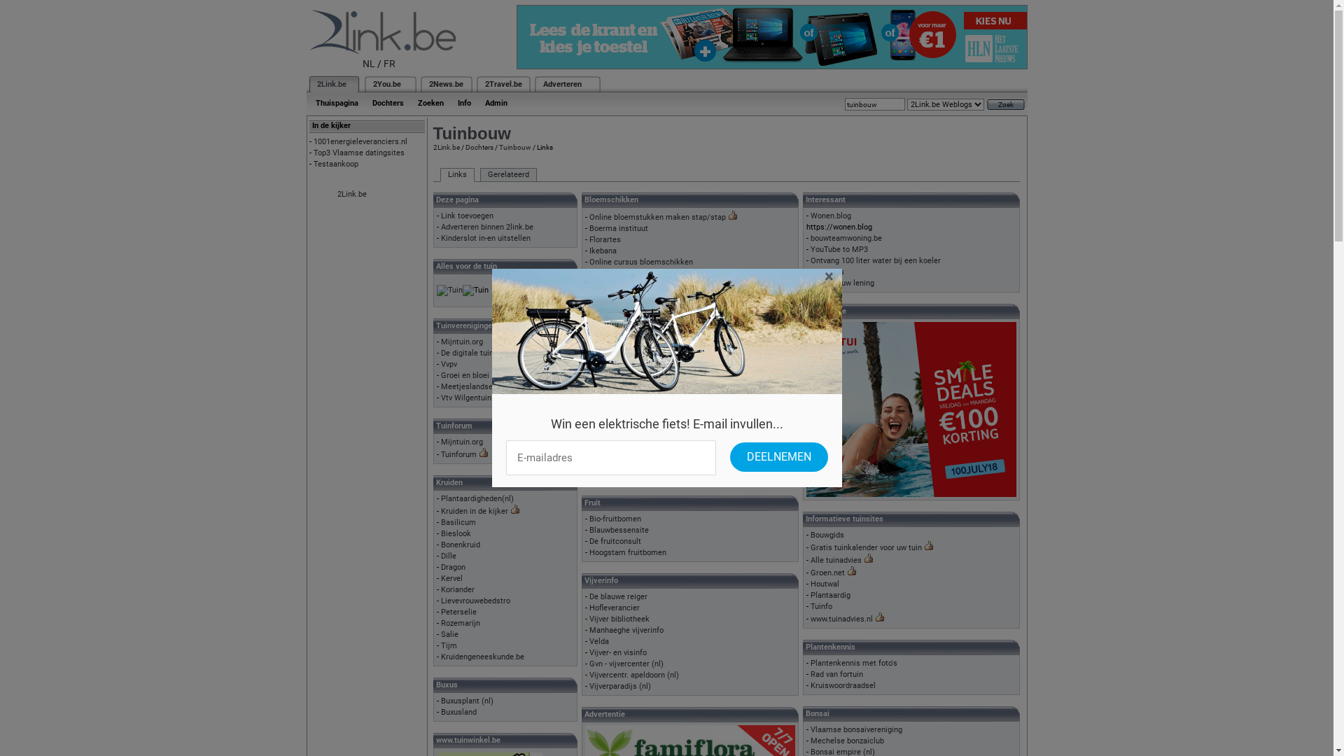 The width and height of the screenshot is (1344, 756). What do you see at coordinates (496, 102) in the screenshot?
I see `'Admin'` at bounding box center [496, 102].